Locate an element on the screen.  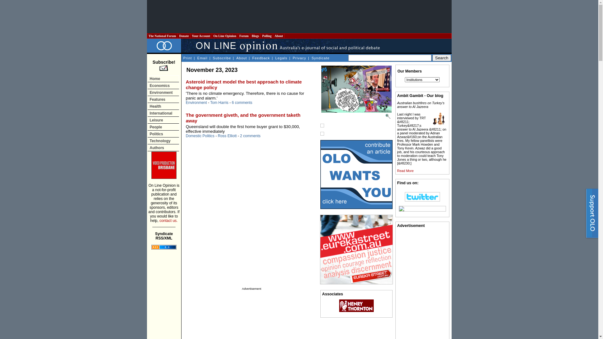
'Environment' is located at coordinates (185, 102).